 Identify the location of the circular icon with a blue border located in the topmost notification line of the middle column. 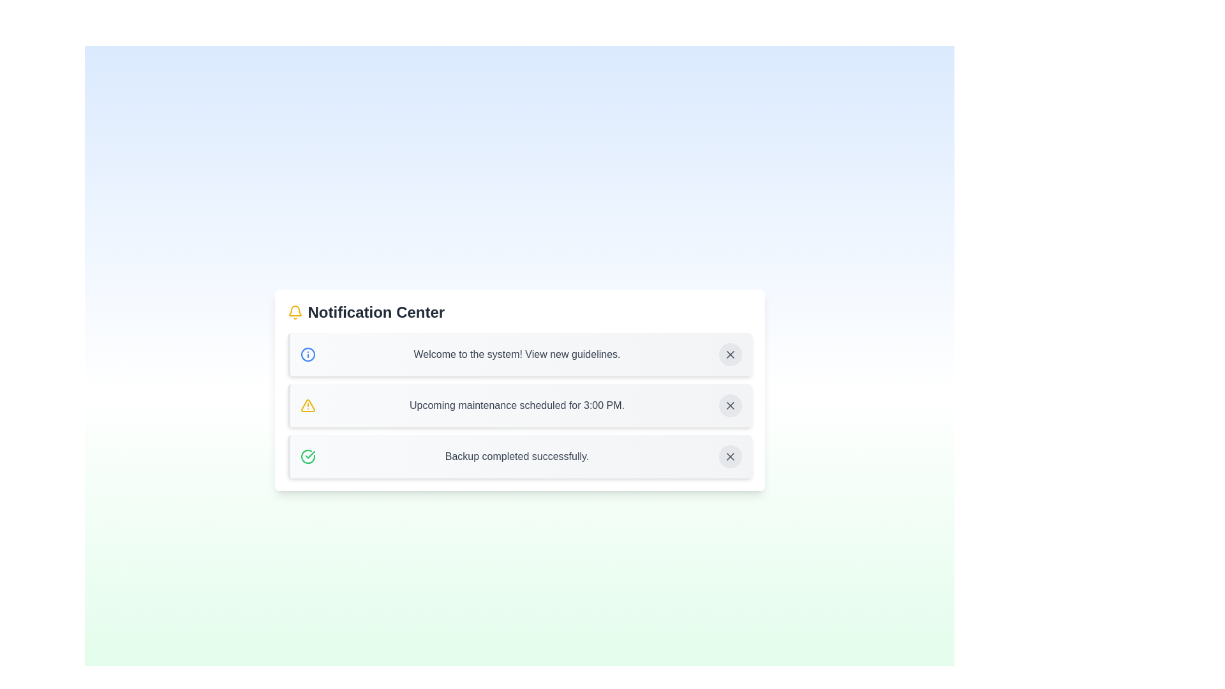
(308, 354).